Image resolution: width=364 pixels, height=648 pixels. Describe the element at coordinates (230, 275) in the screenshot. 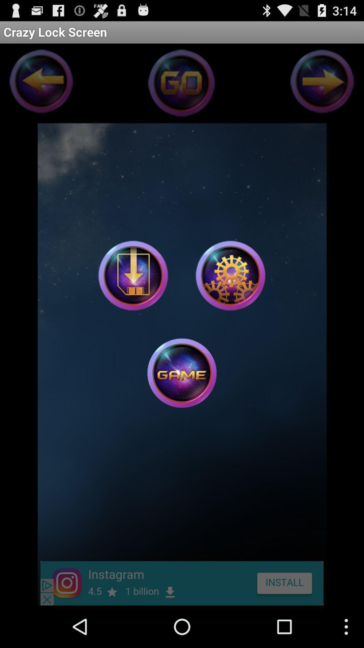

I see `open settings menu` at that location.